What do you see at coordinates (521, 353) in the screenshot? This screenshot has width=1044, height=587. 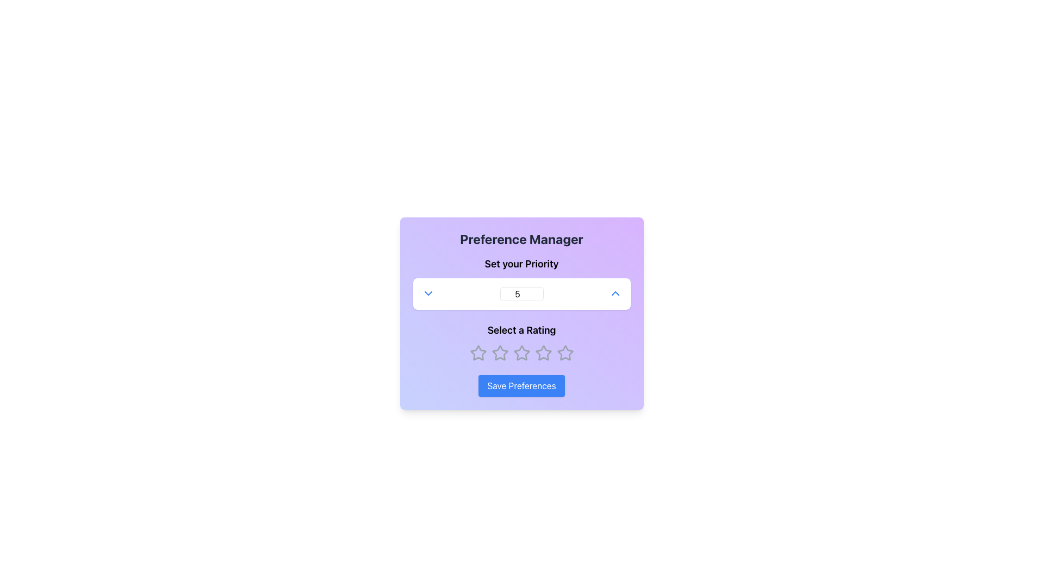 I see `the third star icon in the rating widget` at bounding box center [521, 353].